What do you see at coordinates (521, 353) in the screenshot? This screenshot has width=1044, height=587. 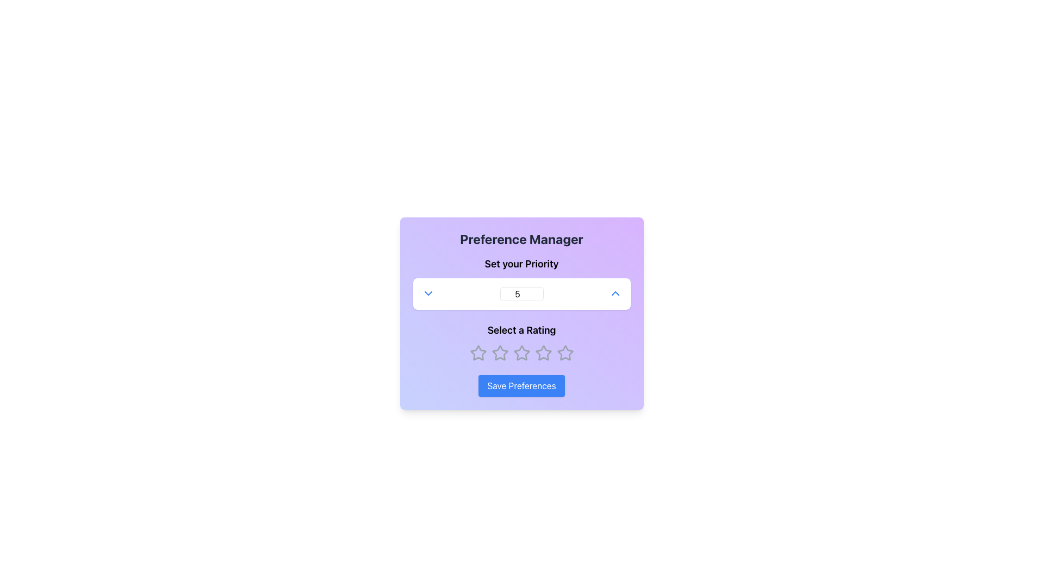 I see `the third star icon in the rating widget` at bounding box center [521, 353].